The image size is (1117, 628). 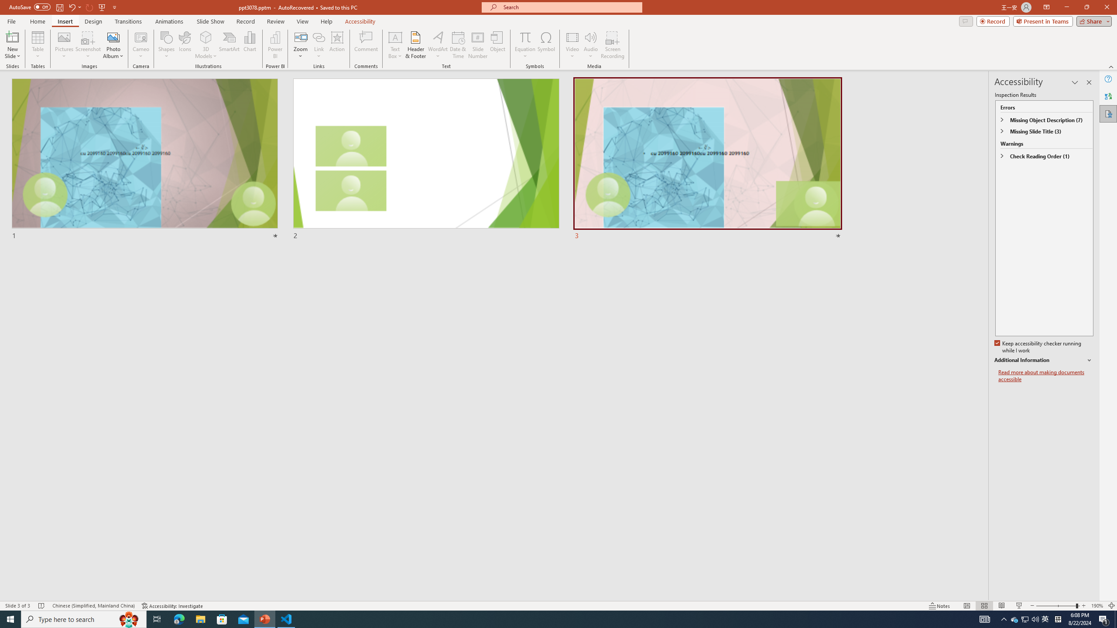 What do you see at coordinates (1044, 360) in the screenshot?
I see `'Additional Information'` at bounding box center [1044, 360].